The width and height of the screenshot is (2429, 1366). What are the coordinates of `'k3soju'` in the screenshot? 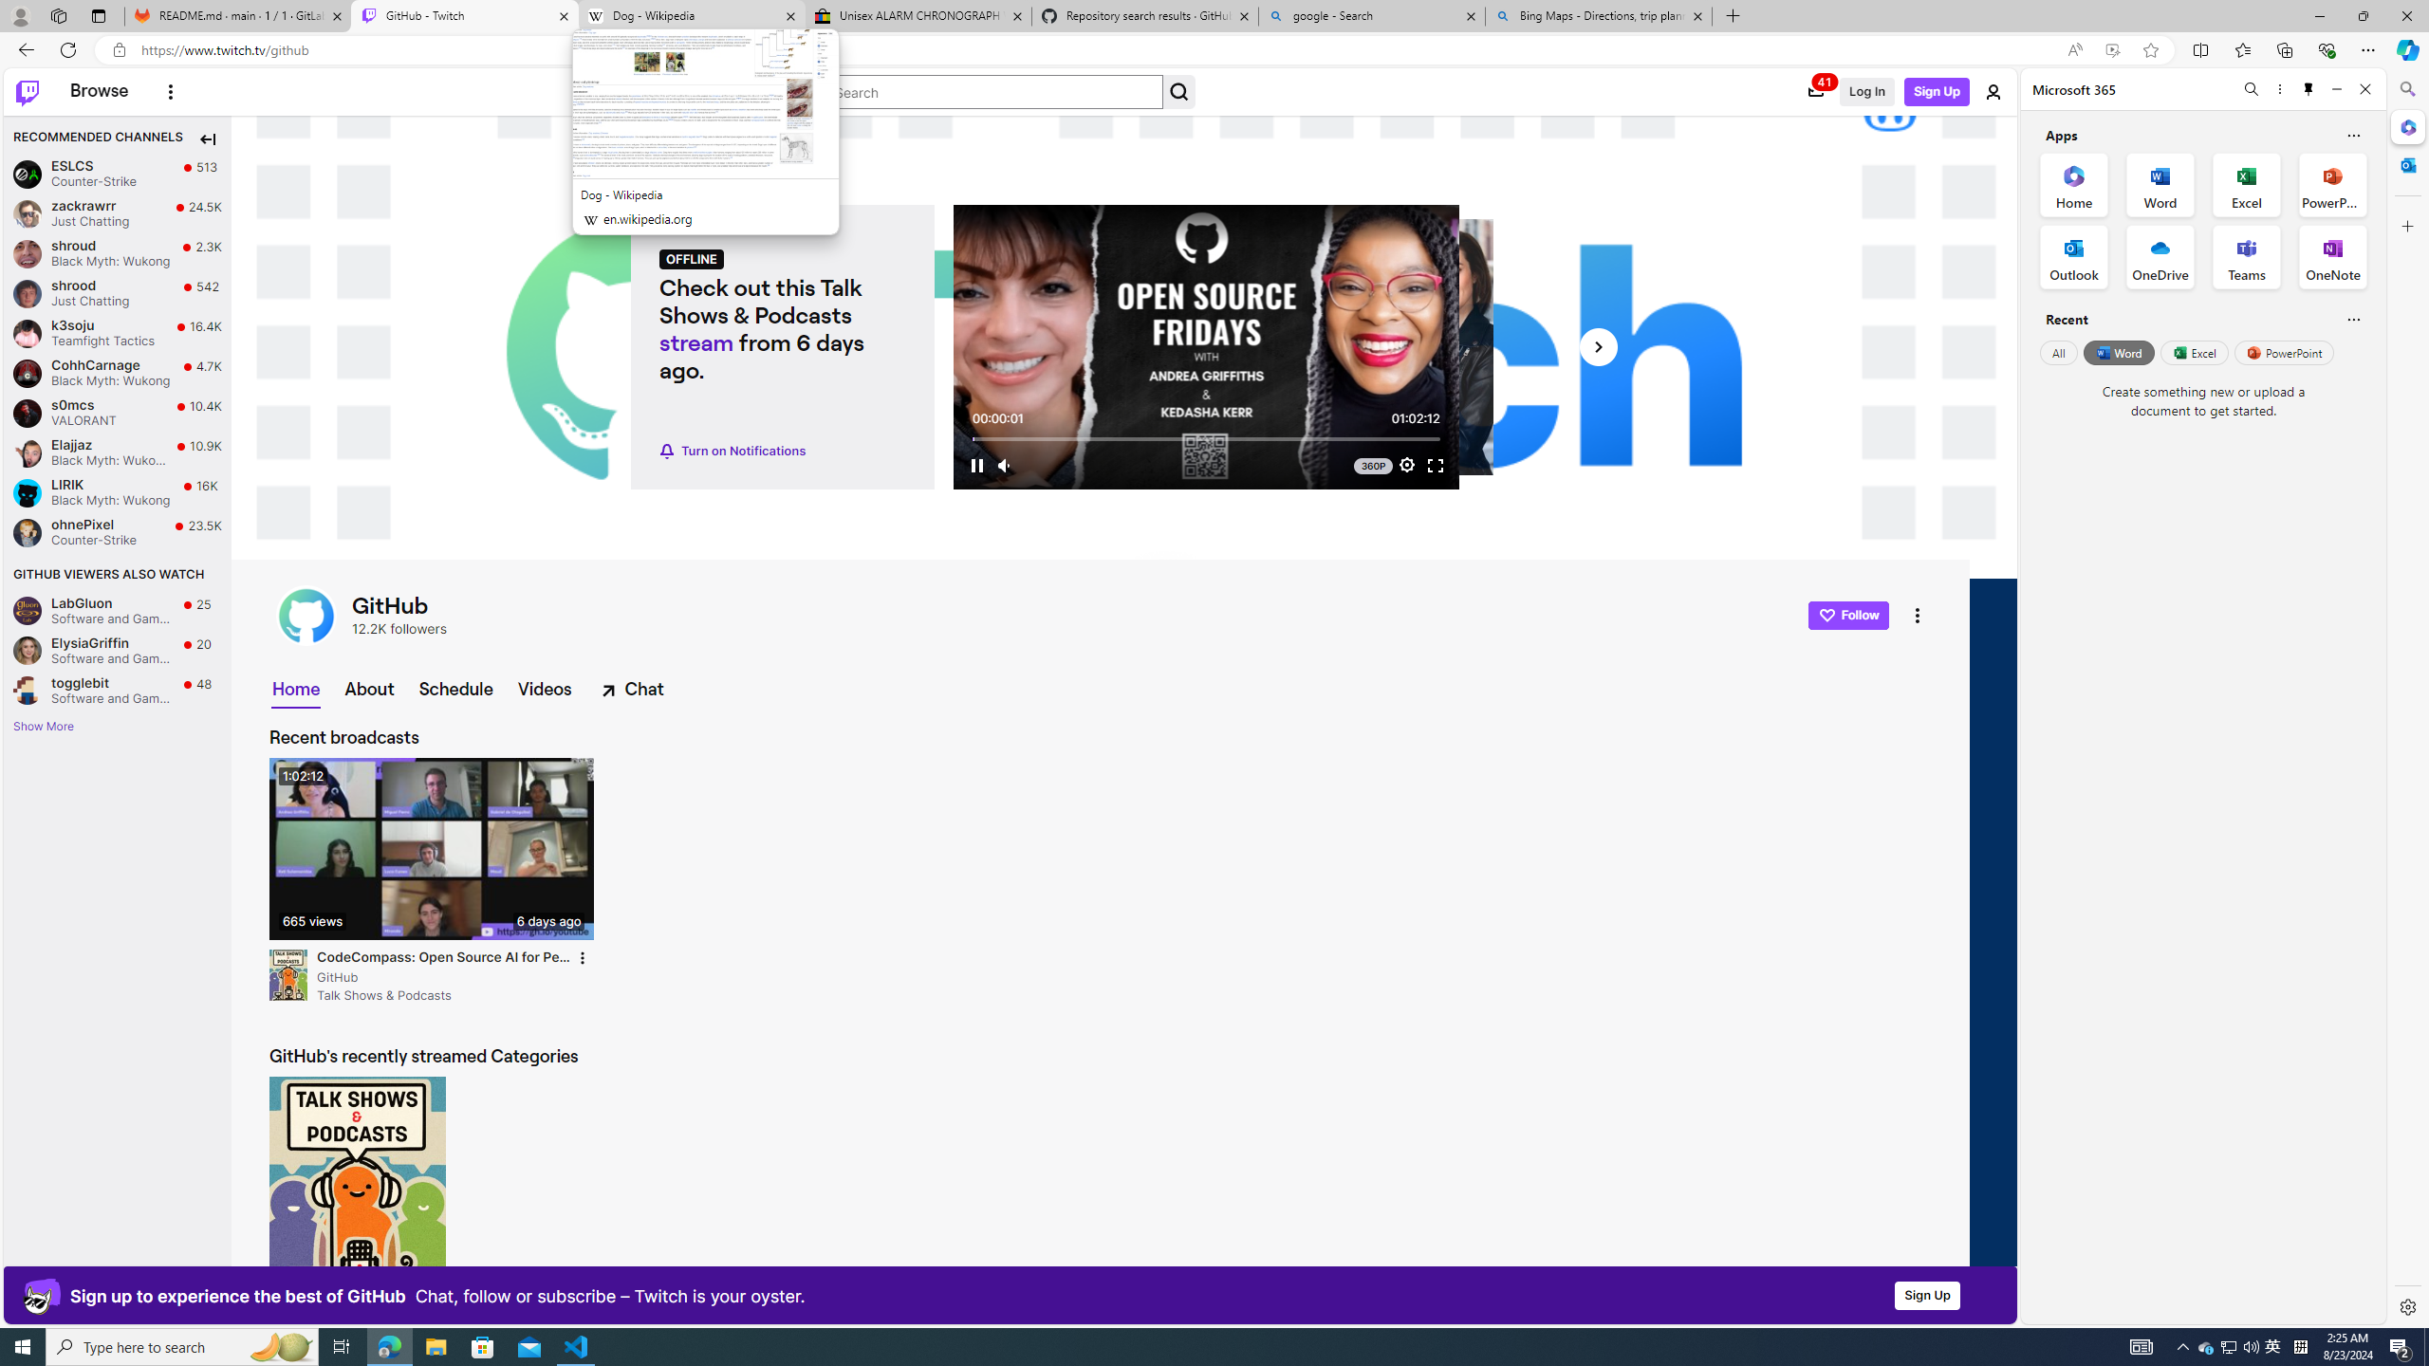 It's located at (27, 333).